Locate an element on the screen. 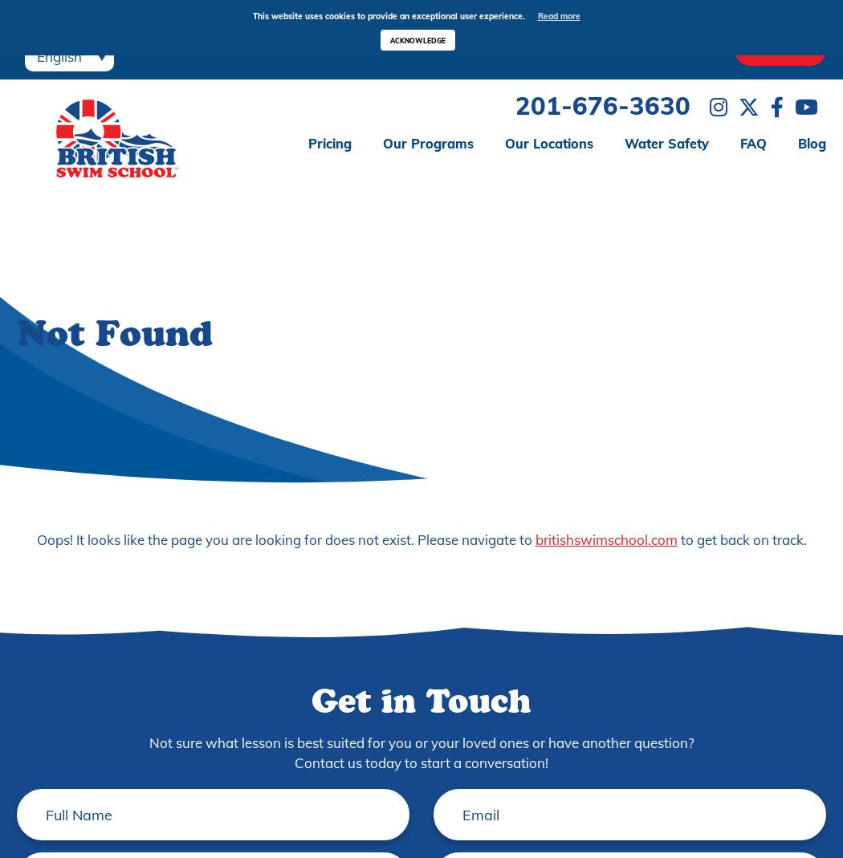  'Spanish' is located at coordinates (62, 79).